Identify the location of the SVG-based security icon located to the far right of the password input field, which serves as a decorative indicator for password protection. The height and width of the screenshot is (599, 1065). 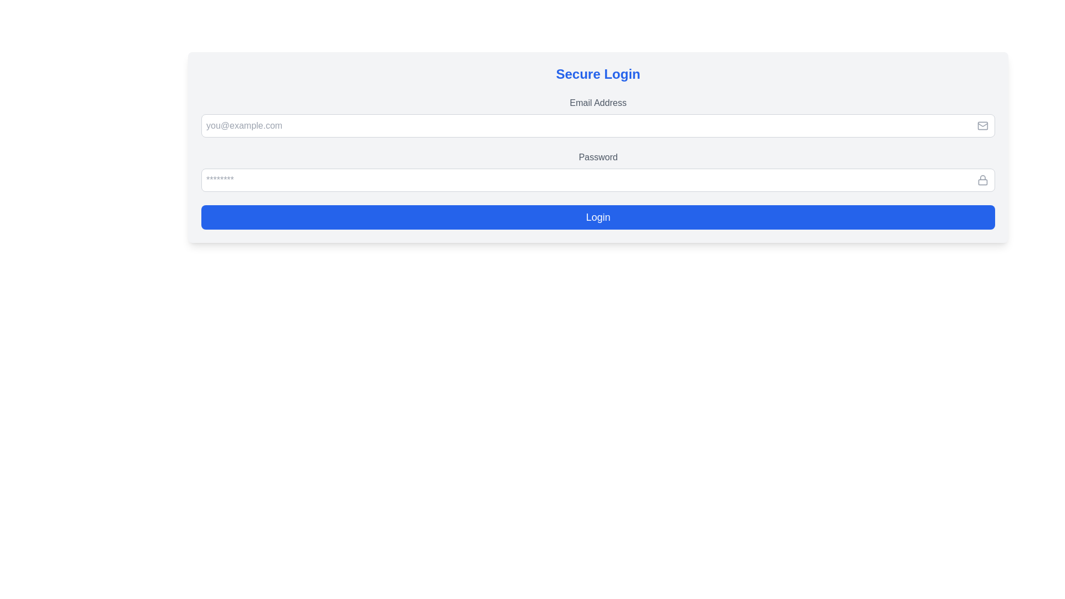
(982, 179).